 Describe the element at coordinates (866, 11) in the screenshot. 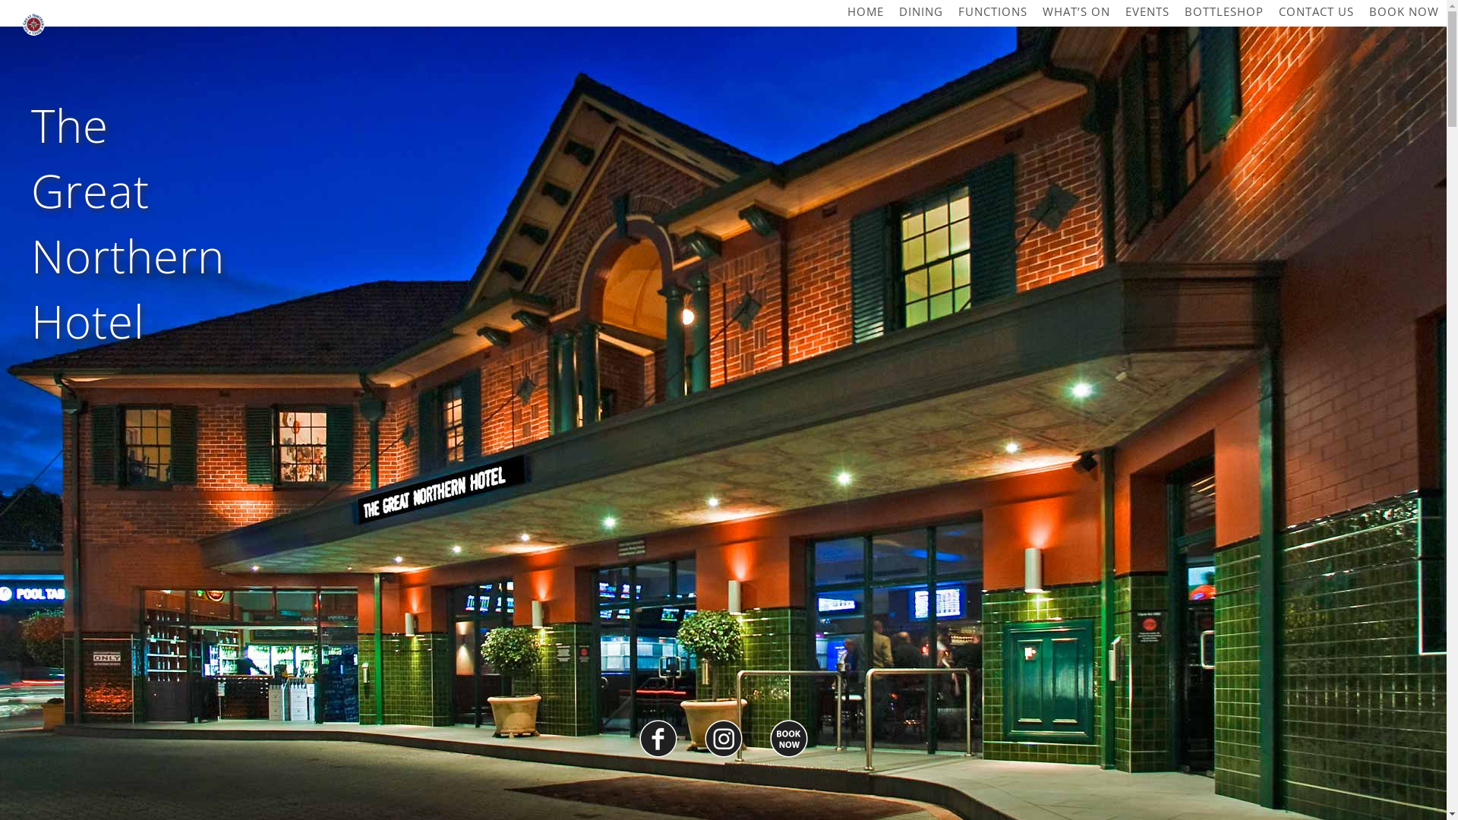

I see `'HOME'` at that location.